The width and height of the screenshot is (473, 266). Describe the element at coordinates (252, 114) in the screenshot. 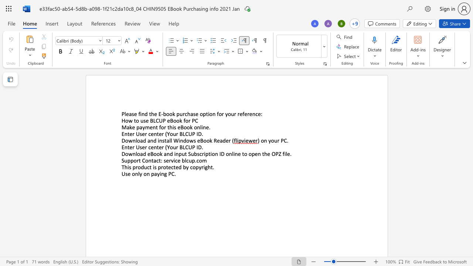

I see `the space between the continuous character "e" and "n" in the text` at that location.